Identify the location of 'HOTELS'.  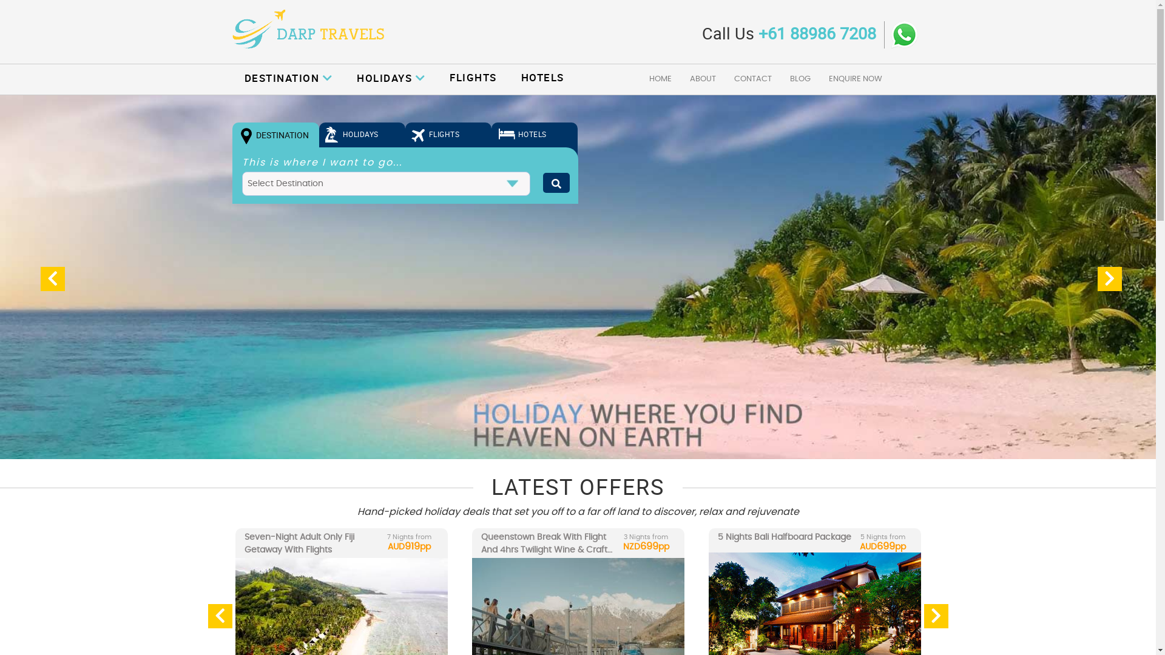
(541, 77).